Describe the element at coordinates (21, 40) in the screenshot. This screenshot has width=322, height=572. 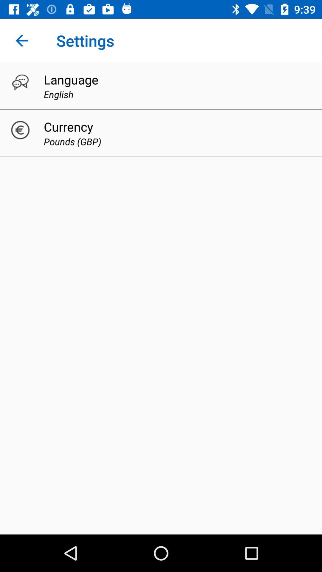
I see `the item to the left of the settings app` at that location.